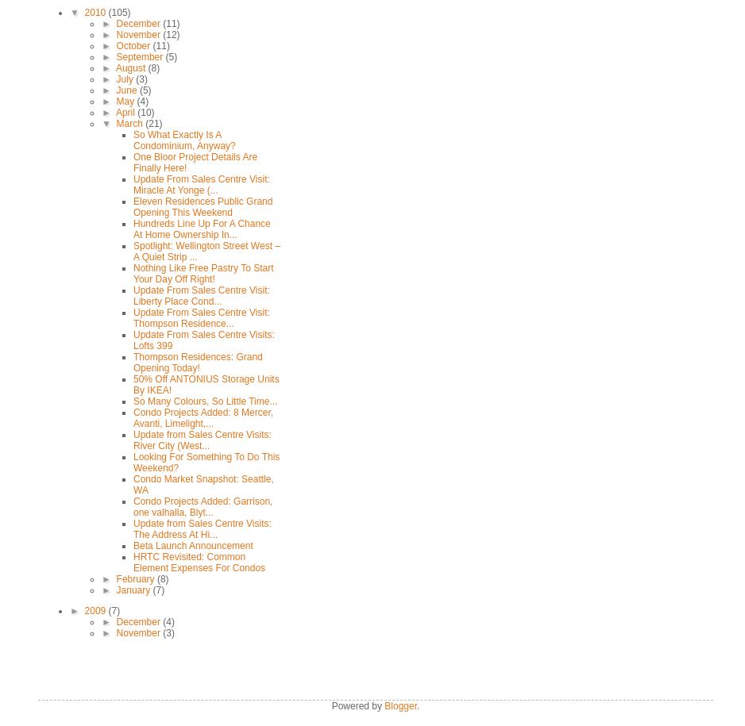 The height and width of the screenshot is (726, 745). I want to click on 'Update from Sales Centre Visits:  River City (West...', so click(133, 440).